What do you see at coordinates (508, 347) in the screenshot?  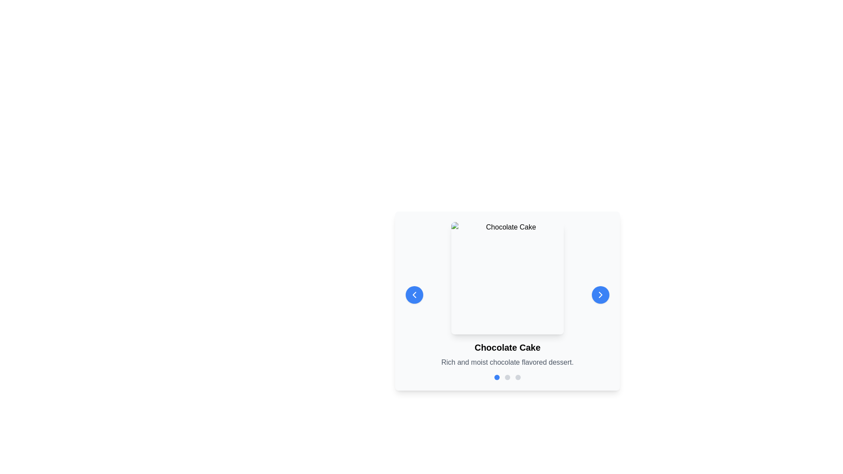 I see `the text label reading 'Chocolate Cake', which is displayed in bold and larger font, centrally aligned below an image of a cake` at bounding box center [508, 347].